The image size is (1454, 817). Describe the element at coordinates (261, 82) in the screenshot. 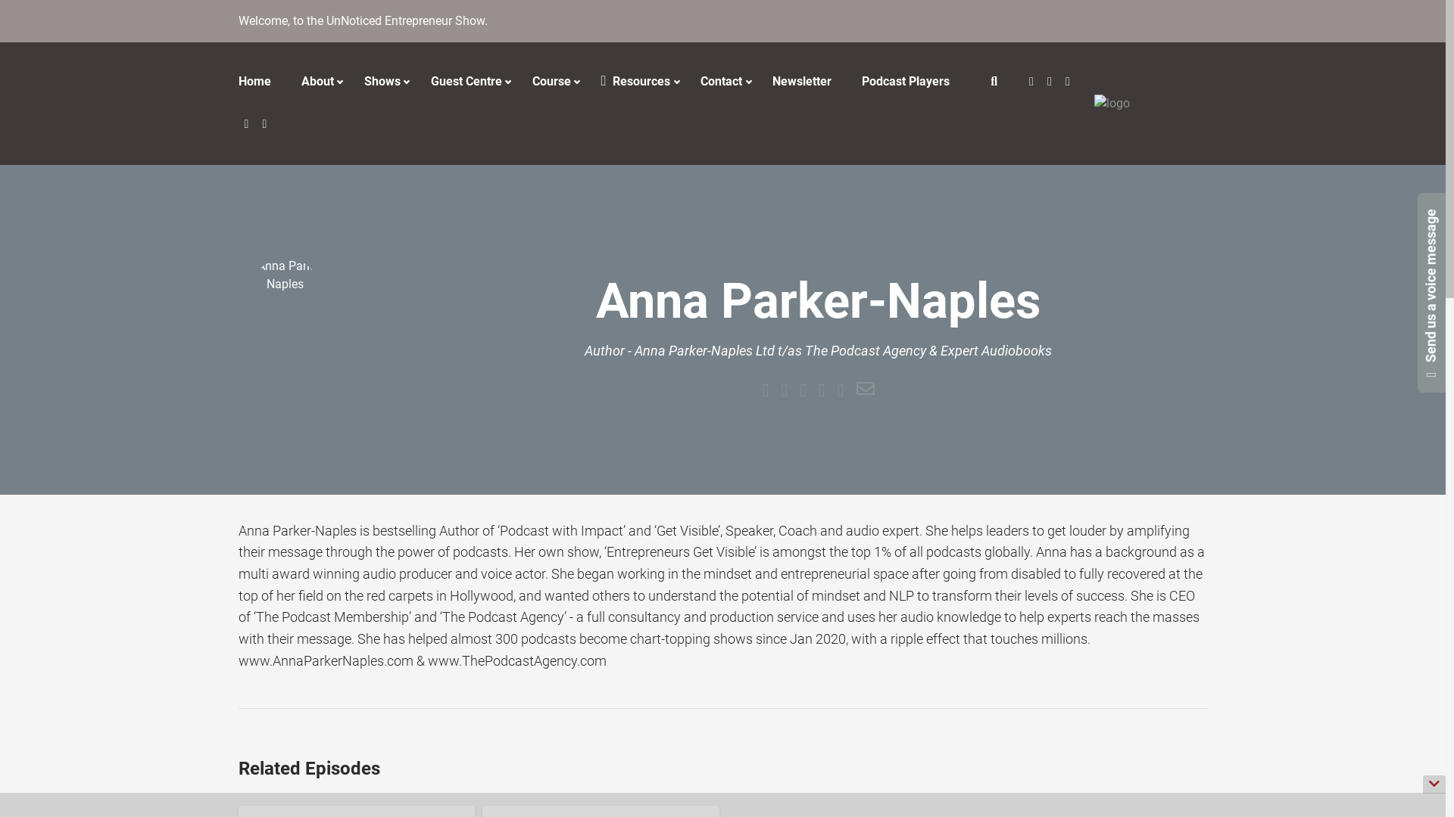

I see `'Home'` at that location.